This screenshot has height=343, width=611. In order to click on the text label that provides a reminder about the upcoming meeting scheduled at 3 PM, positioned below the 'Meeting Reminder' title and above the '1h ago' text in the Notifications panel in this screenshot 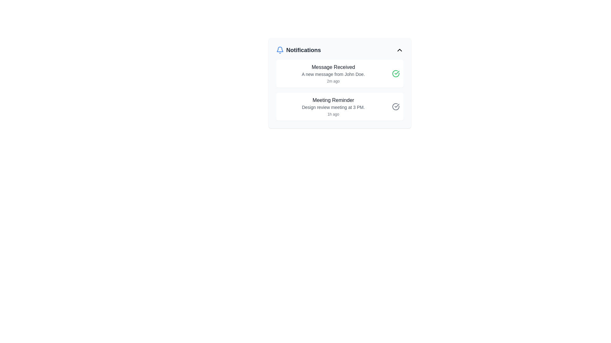, I will do `click(333, 107)`.